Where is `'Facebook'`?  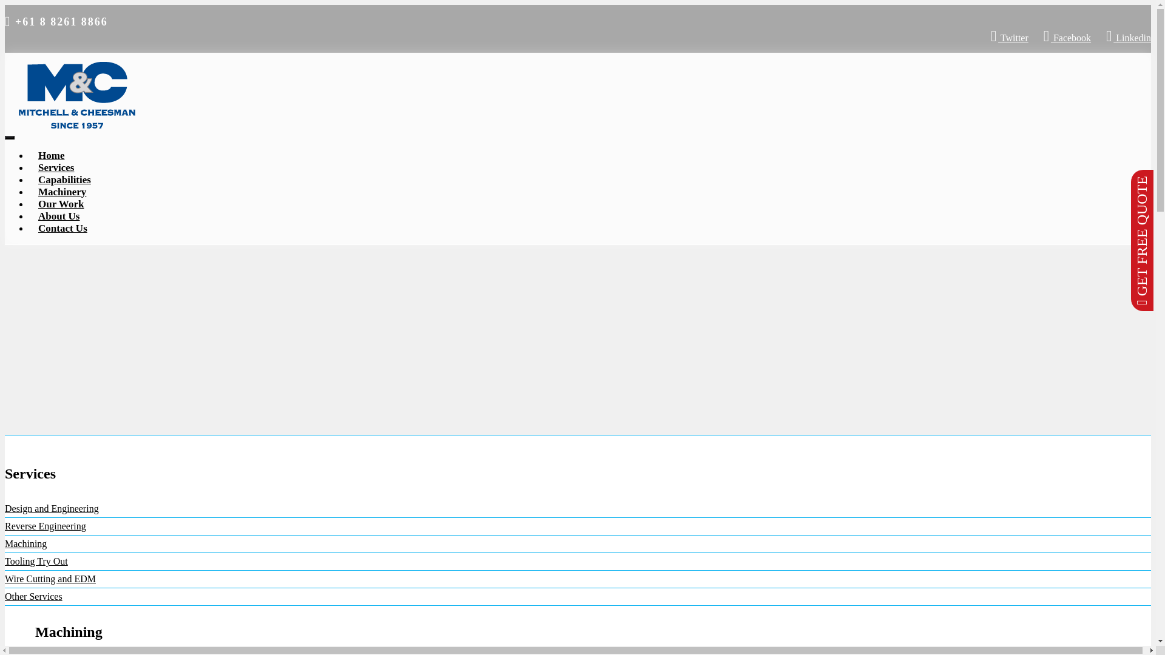 'Facebook' is located at coordinates (1066, 37).